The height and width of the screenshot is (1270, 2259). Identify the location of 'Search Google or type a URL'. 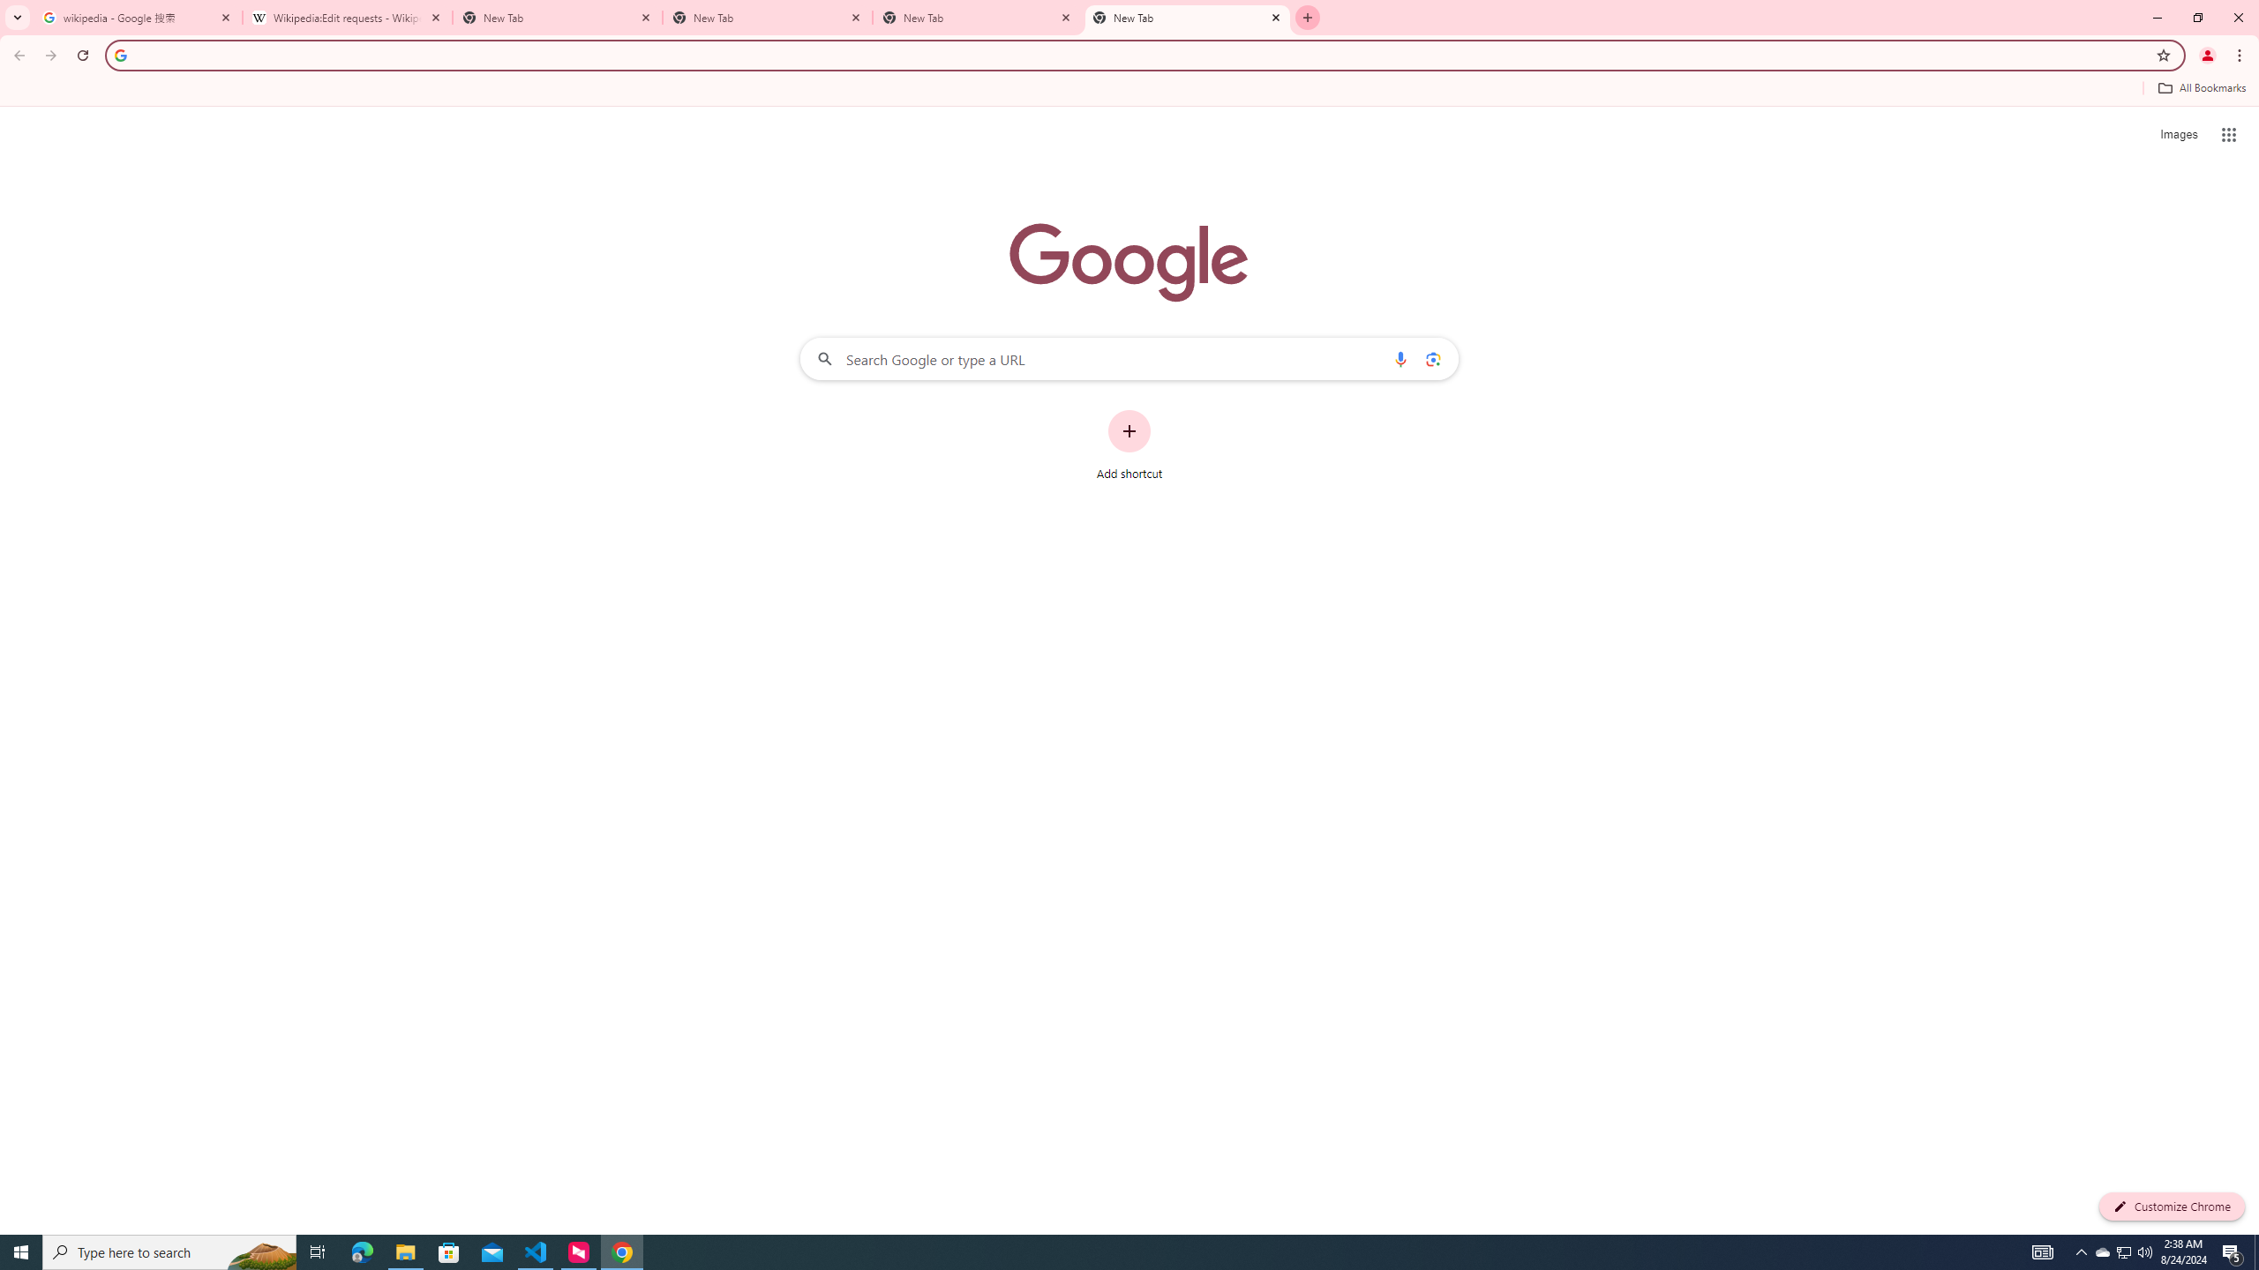
(1129, 357).